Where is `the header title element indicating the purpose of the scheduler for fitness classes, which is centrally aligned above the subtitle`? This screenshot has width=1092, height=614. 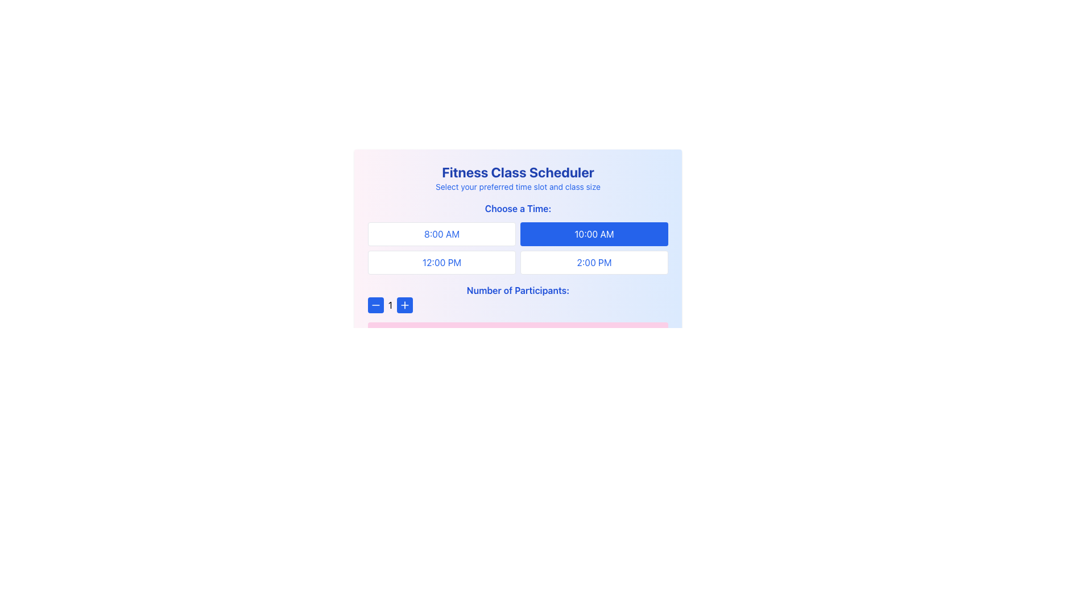
the header title element indicating the purpose of the scheduler for fitness classes, which is centrally aligned above the subtitle is located at coordinates (518, 172).